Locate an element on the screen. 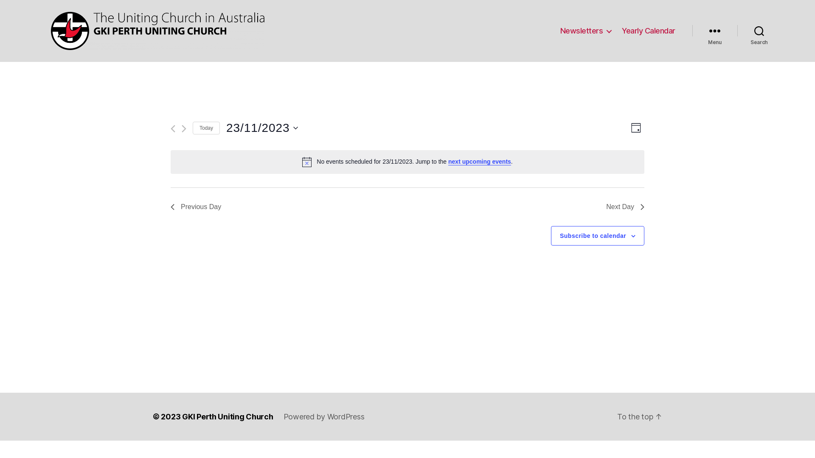 The width and height of the screenshot is (815, 458). 'Menu' is located at coordinates (692, 31).